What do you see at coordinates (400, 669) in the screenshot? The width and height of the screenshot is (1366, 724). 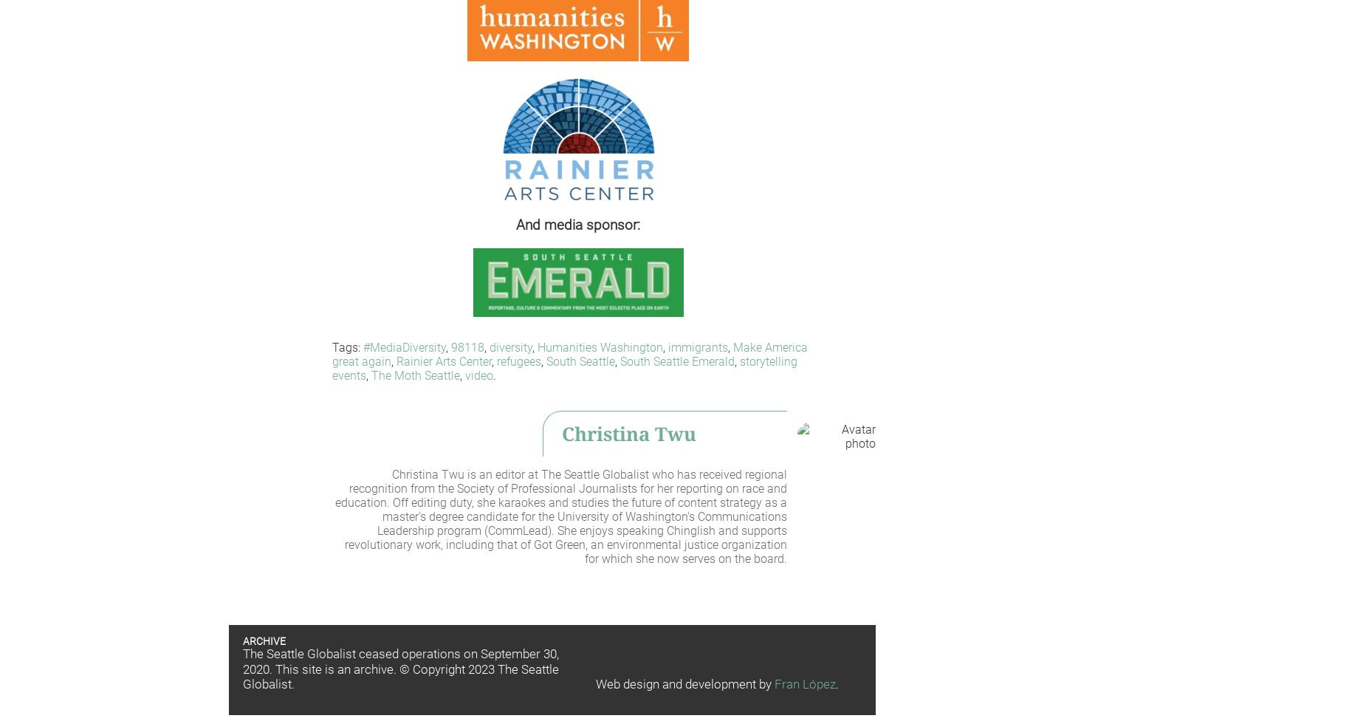 I see `'The Seattle Globalist ceased operations on September 30, 2020. This site is an archive. © Copyright 2023 The Seattle Globalist.'` at bounding box center [400, 669].